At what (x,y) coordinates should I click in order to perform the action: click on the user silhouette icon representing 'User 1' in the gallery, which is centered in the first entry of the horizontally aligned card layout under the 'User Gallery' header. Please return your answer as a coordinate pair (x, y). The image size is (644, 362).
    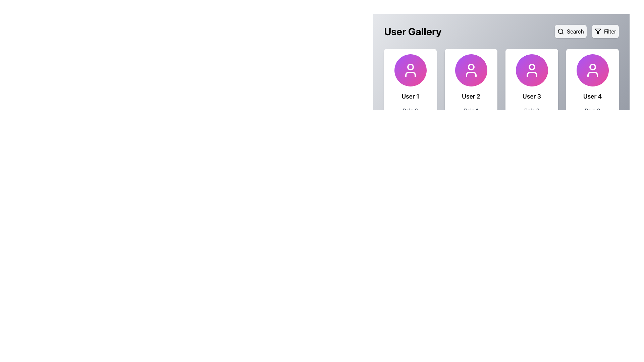
    Looking at the image, I should click on (410, 70).